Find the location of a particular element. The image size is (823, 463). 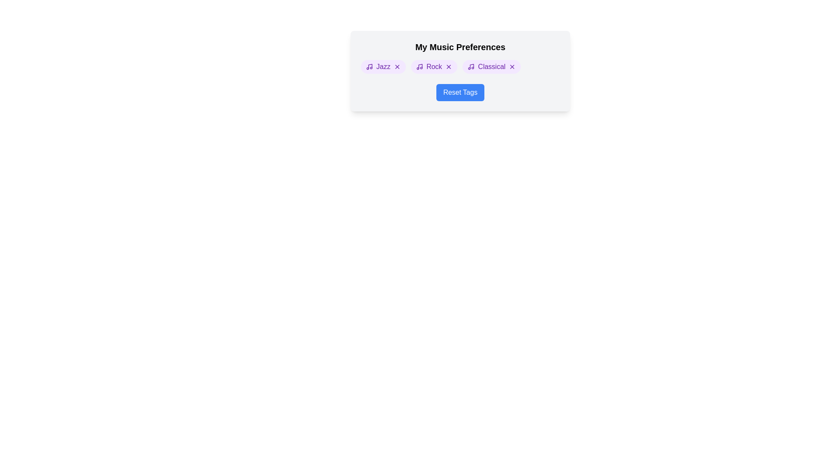

the element Jazz Tag to see its hover effect is located at coordinates (382, 66).